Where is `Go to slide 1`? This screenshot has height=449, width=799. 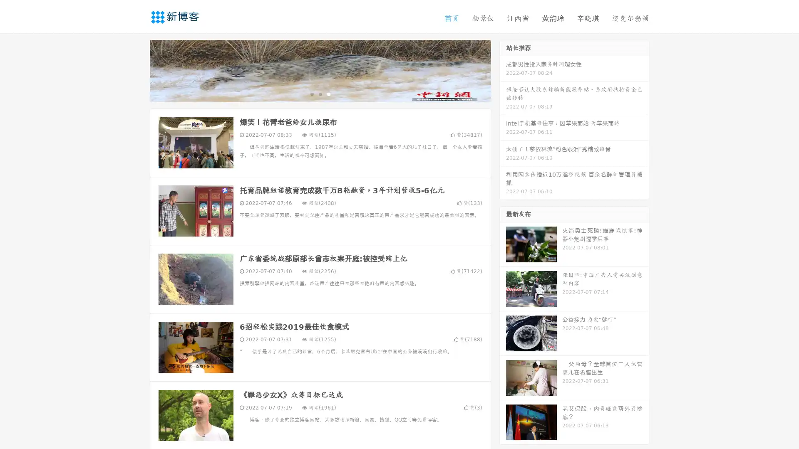
Go to slide 1 is located at coordinates (311, 94).